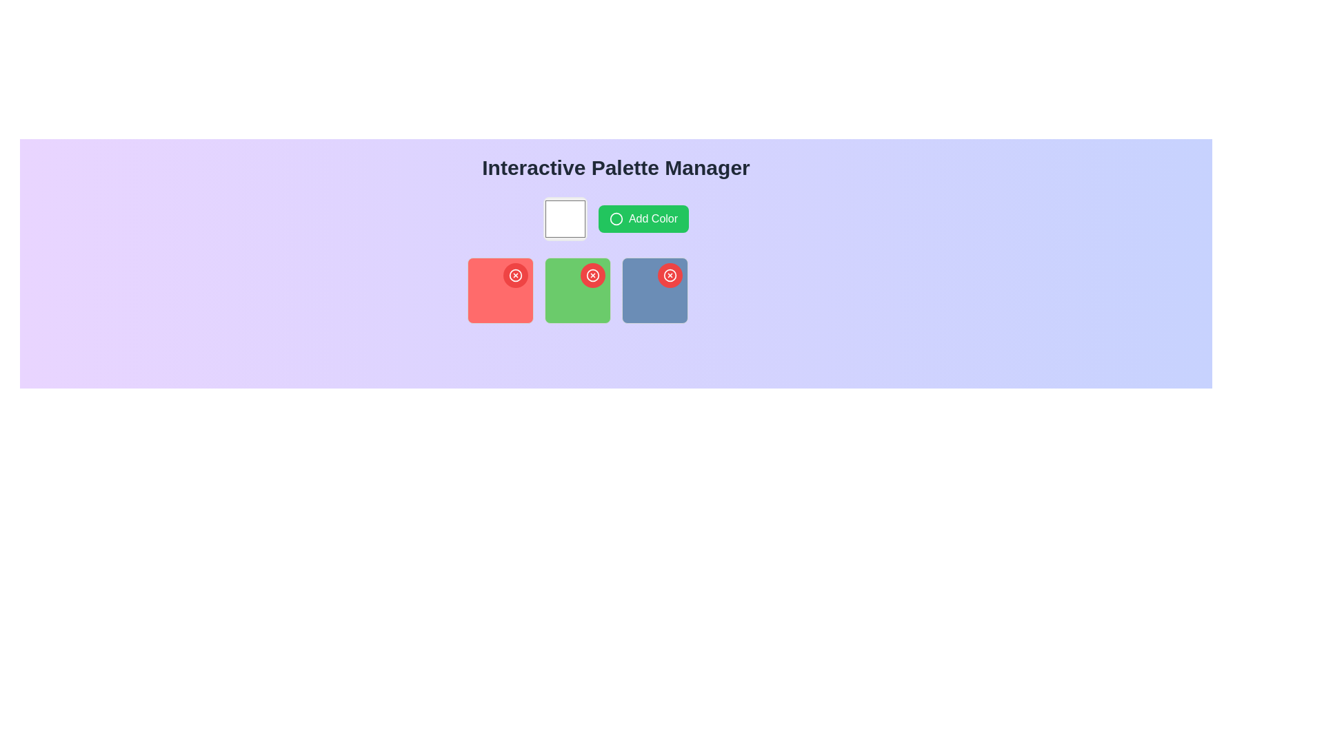 Image resolution: width=1324 pixels, height=744 pixels. Describe the element at coordinates (577, 289) in the screenshot. I see `the second color palette item in the grid layout by clicking on it` at that location.